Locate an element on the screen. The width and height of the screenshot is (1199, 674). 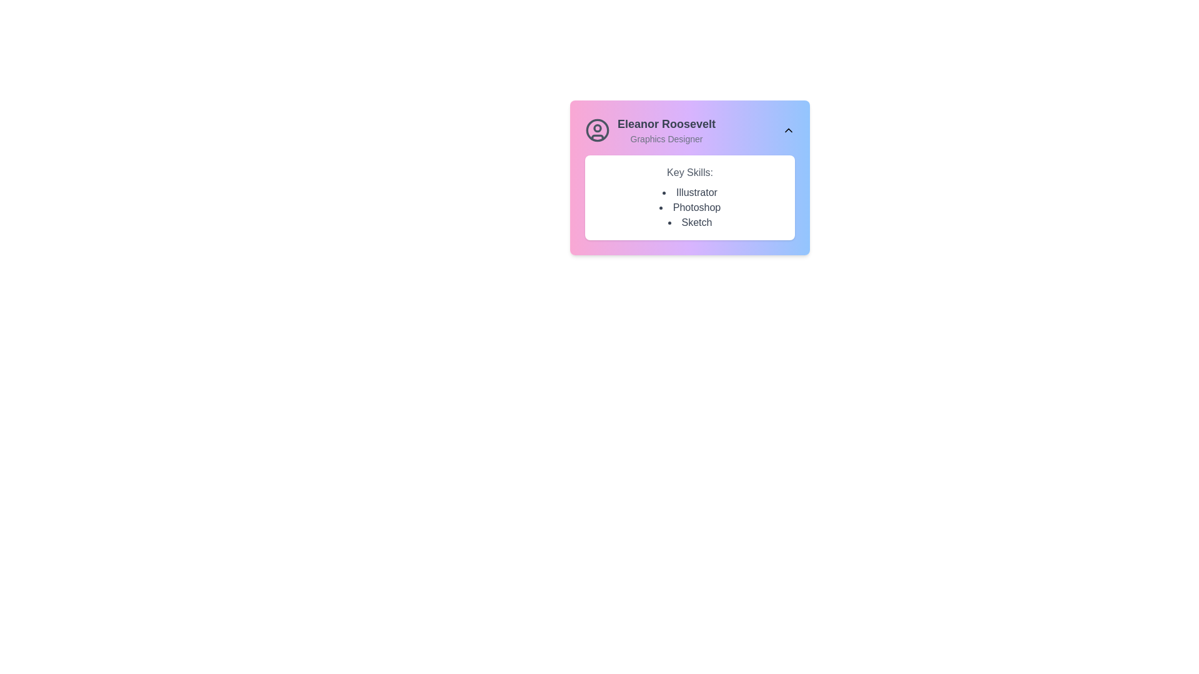
the text label displaying 'Eleanor Roosevelt' and 'Graphics Designer' for additional interactions is located at coordinates (666, 130).